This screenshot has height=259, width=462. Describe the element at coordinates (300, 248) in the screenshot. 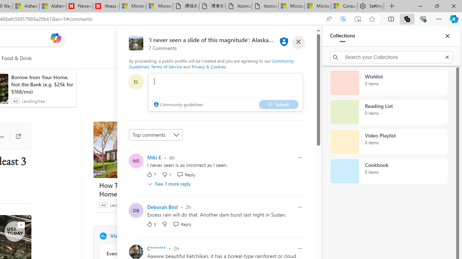

I see `'Report comment'` at that location.